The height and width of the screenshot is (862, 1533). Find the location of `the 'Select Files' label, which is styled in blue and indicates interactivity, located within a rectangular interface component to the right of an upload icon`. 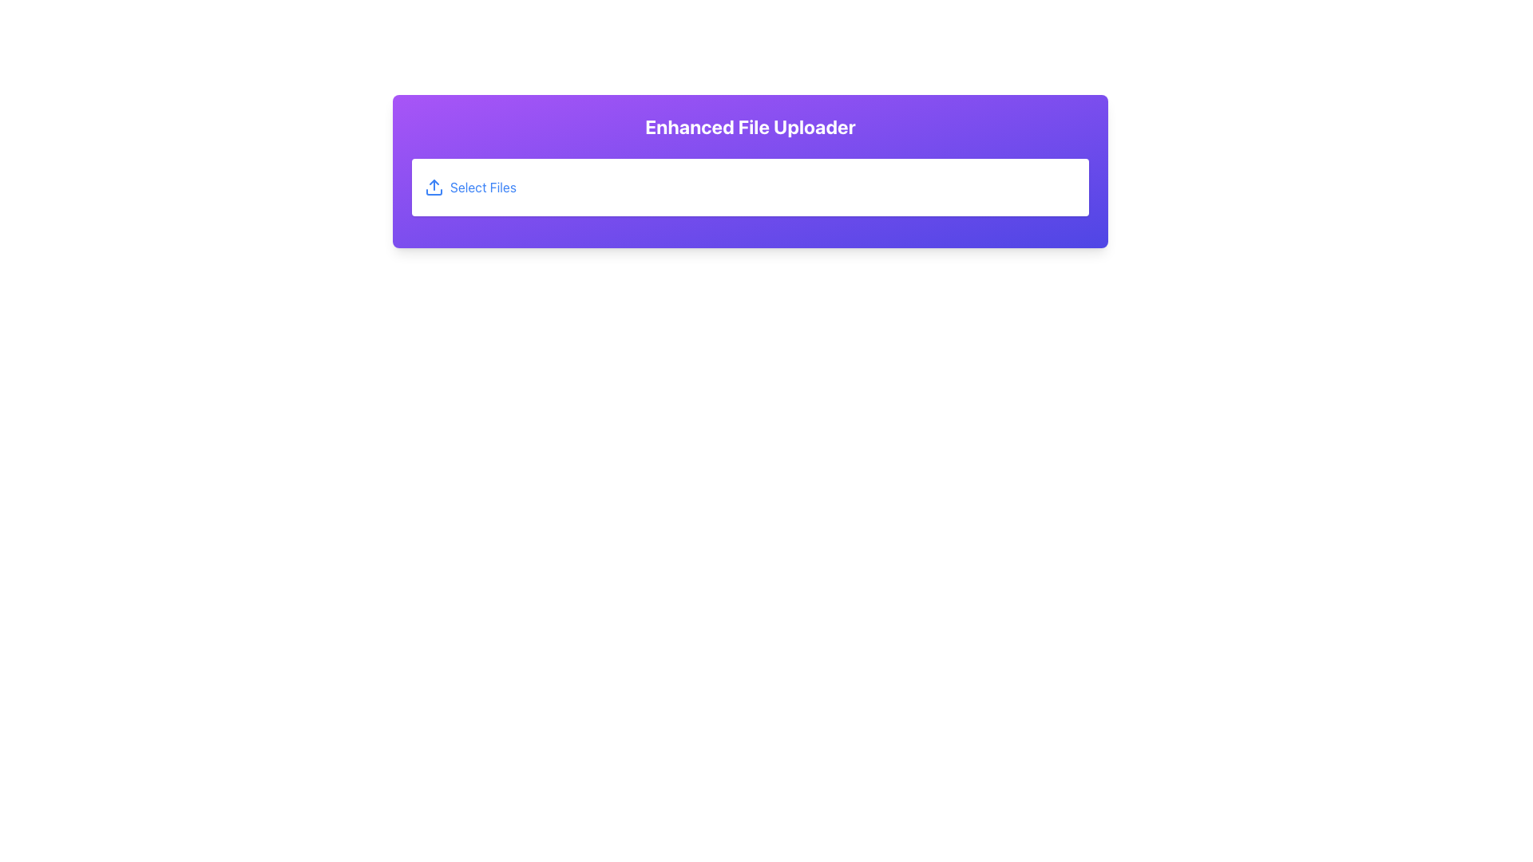

the 'Select Files' label, which is styled in blue and indicates interactivity, located within a rectangular interface component to the right of an upload icon is located at coordinates (482, 187).